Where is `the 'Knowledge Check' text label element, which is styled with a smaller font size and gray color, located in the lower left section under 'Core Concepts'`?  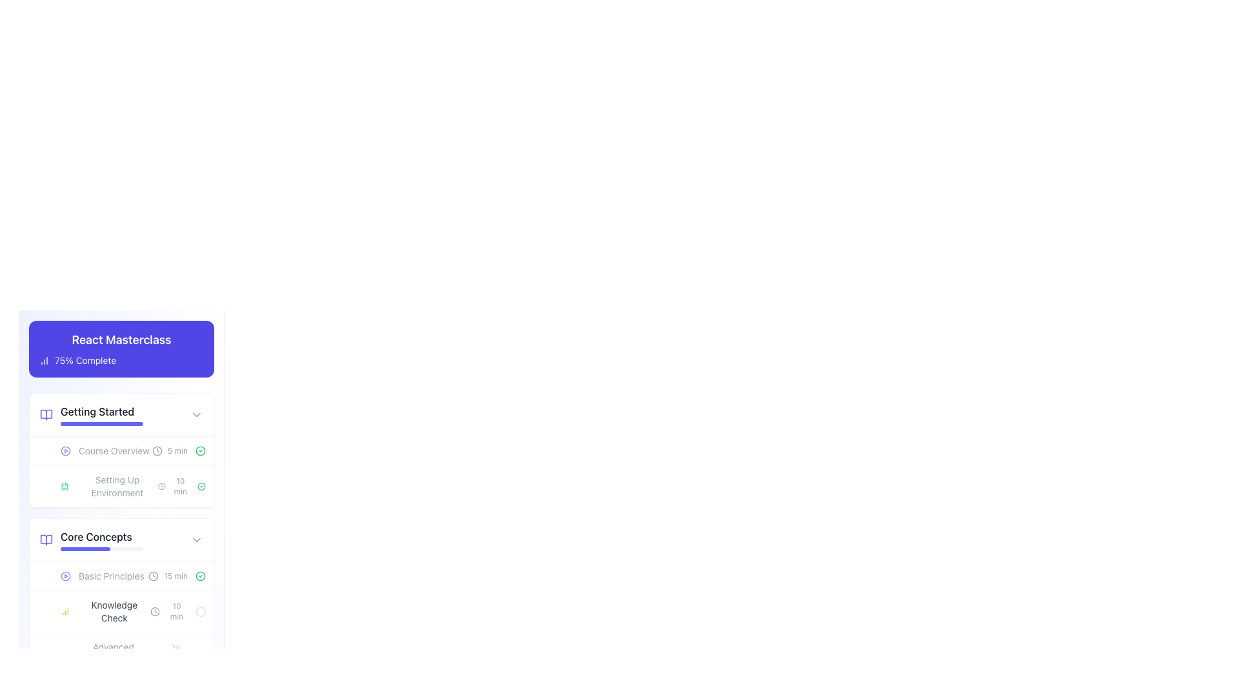 the 'Knowledge Check' text label element, which is styled with a smaller font size and gray color, located in the lower left section under 'Core Concepts' is located at coordinates (114, 611).